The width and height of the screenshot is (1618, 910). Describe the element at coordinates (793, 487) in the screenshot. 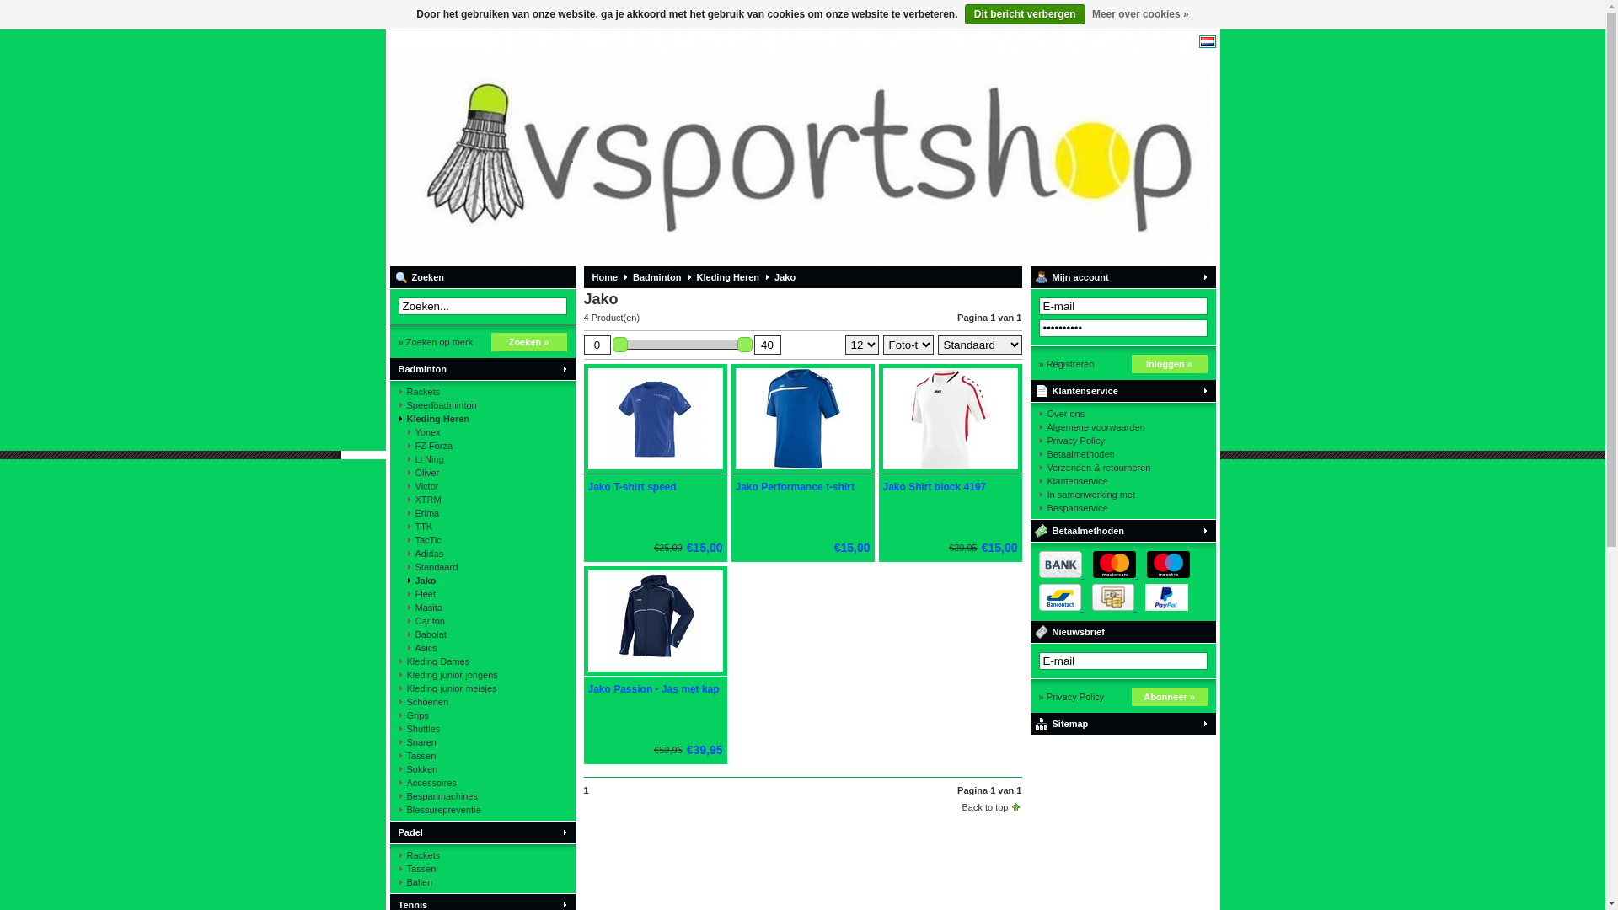

I see `'Jako Performance t-shirt'` at that location.